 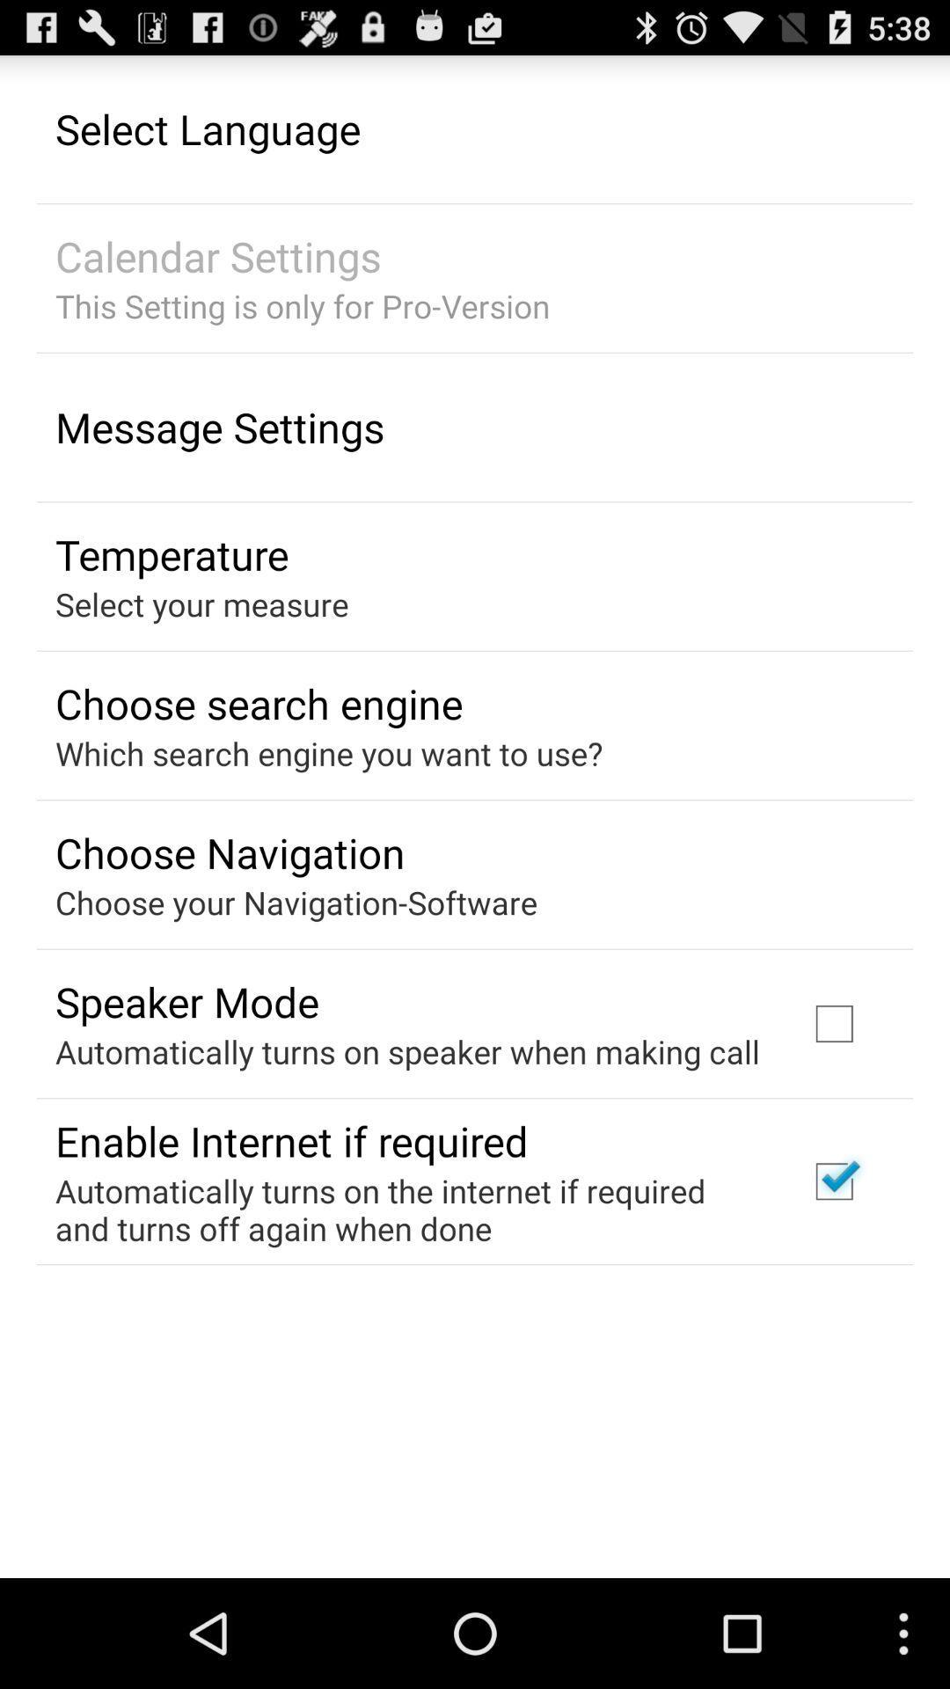 What do you see at coordinates (172, 553) in the screenshot?
I see `the temperature item` at bounding box center [172, 553].